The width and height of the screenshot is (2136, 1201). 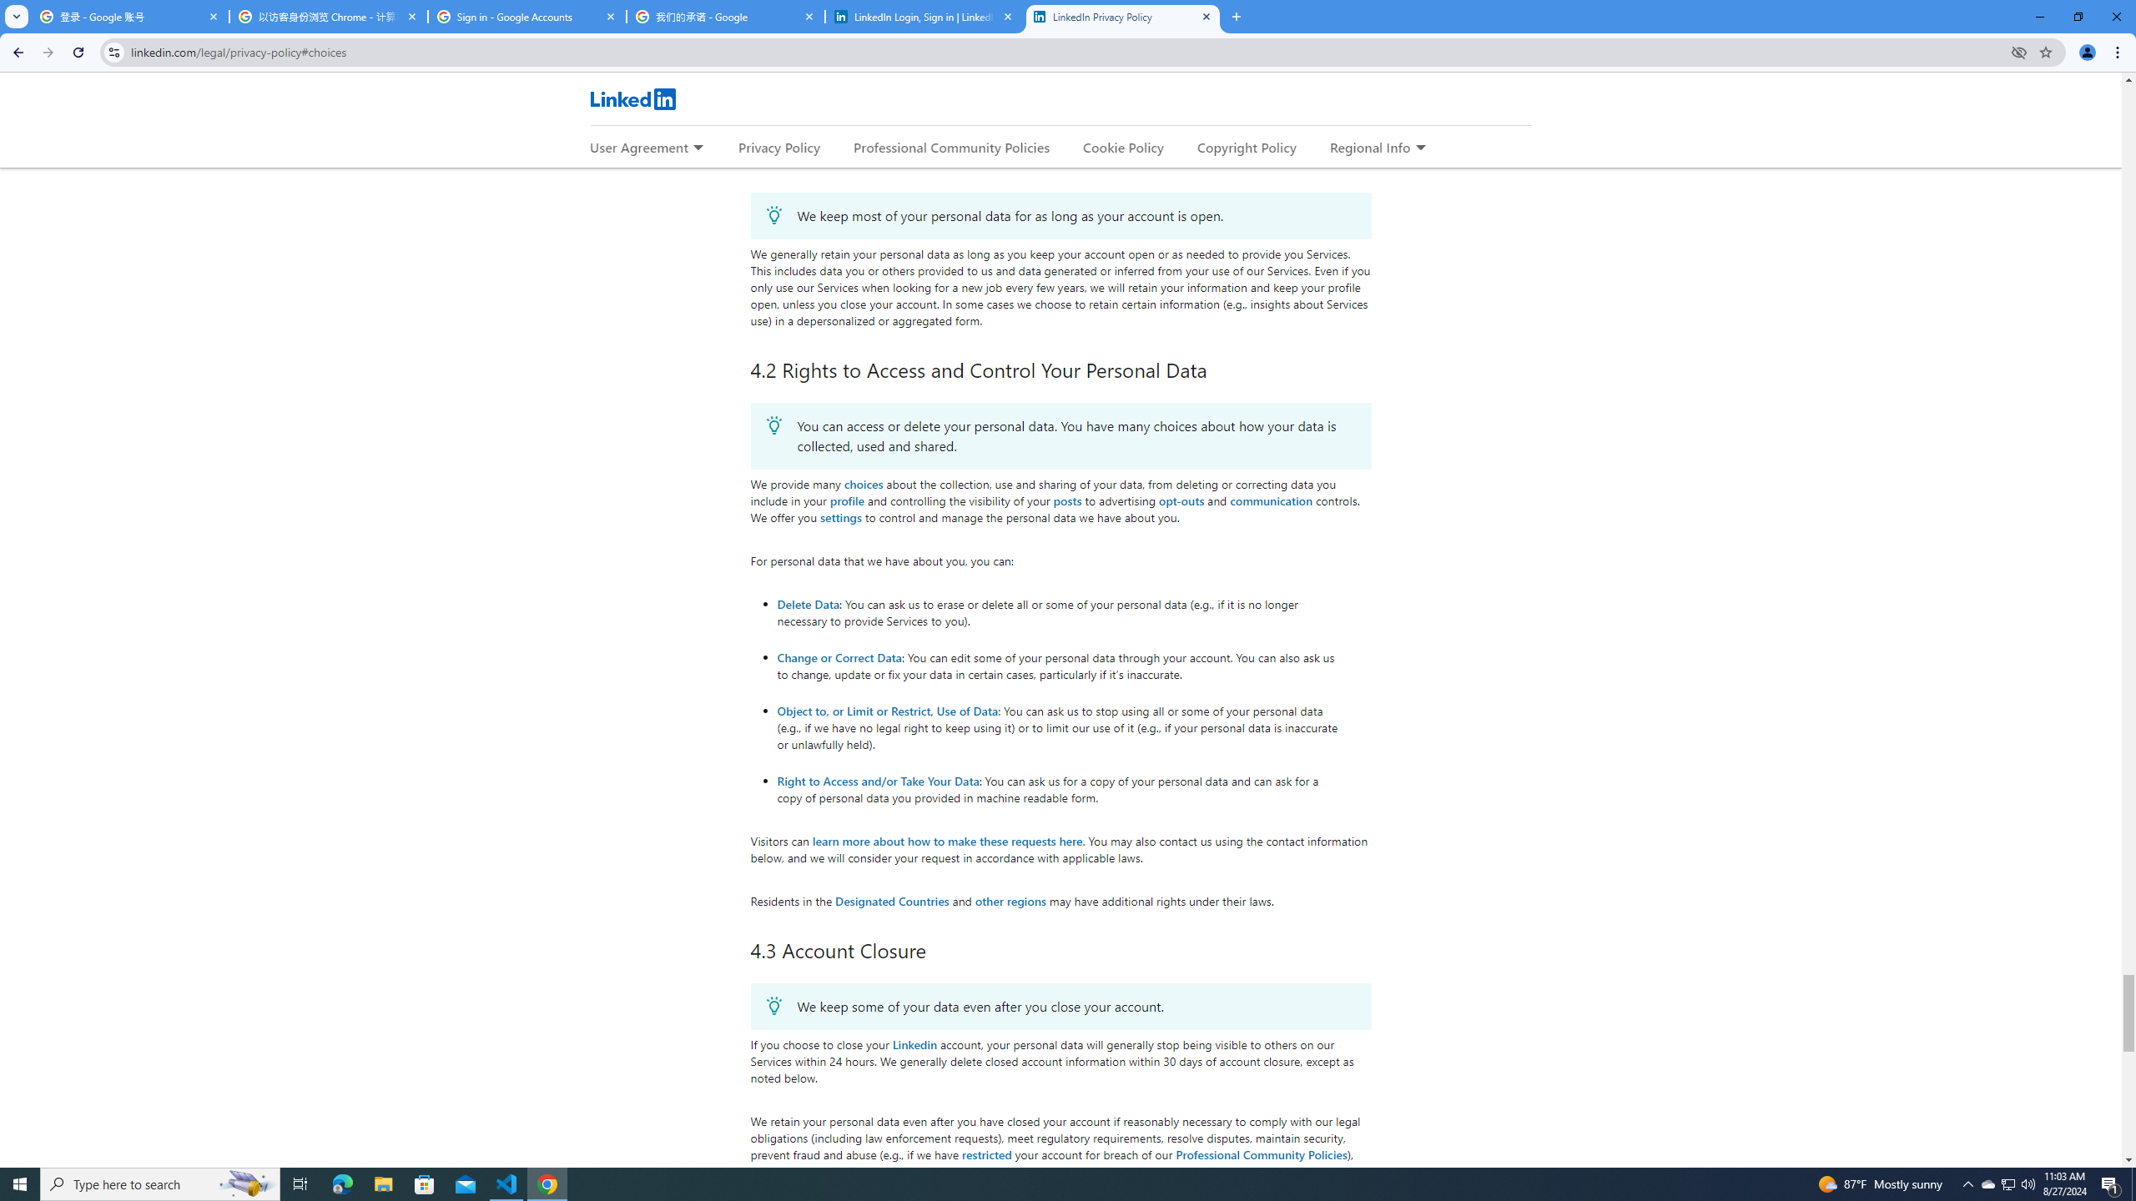 What do you see at coordinates (864, 483) in the screenshot?
I see `'choices'` at bounding box center [864, 483].